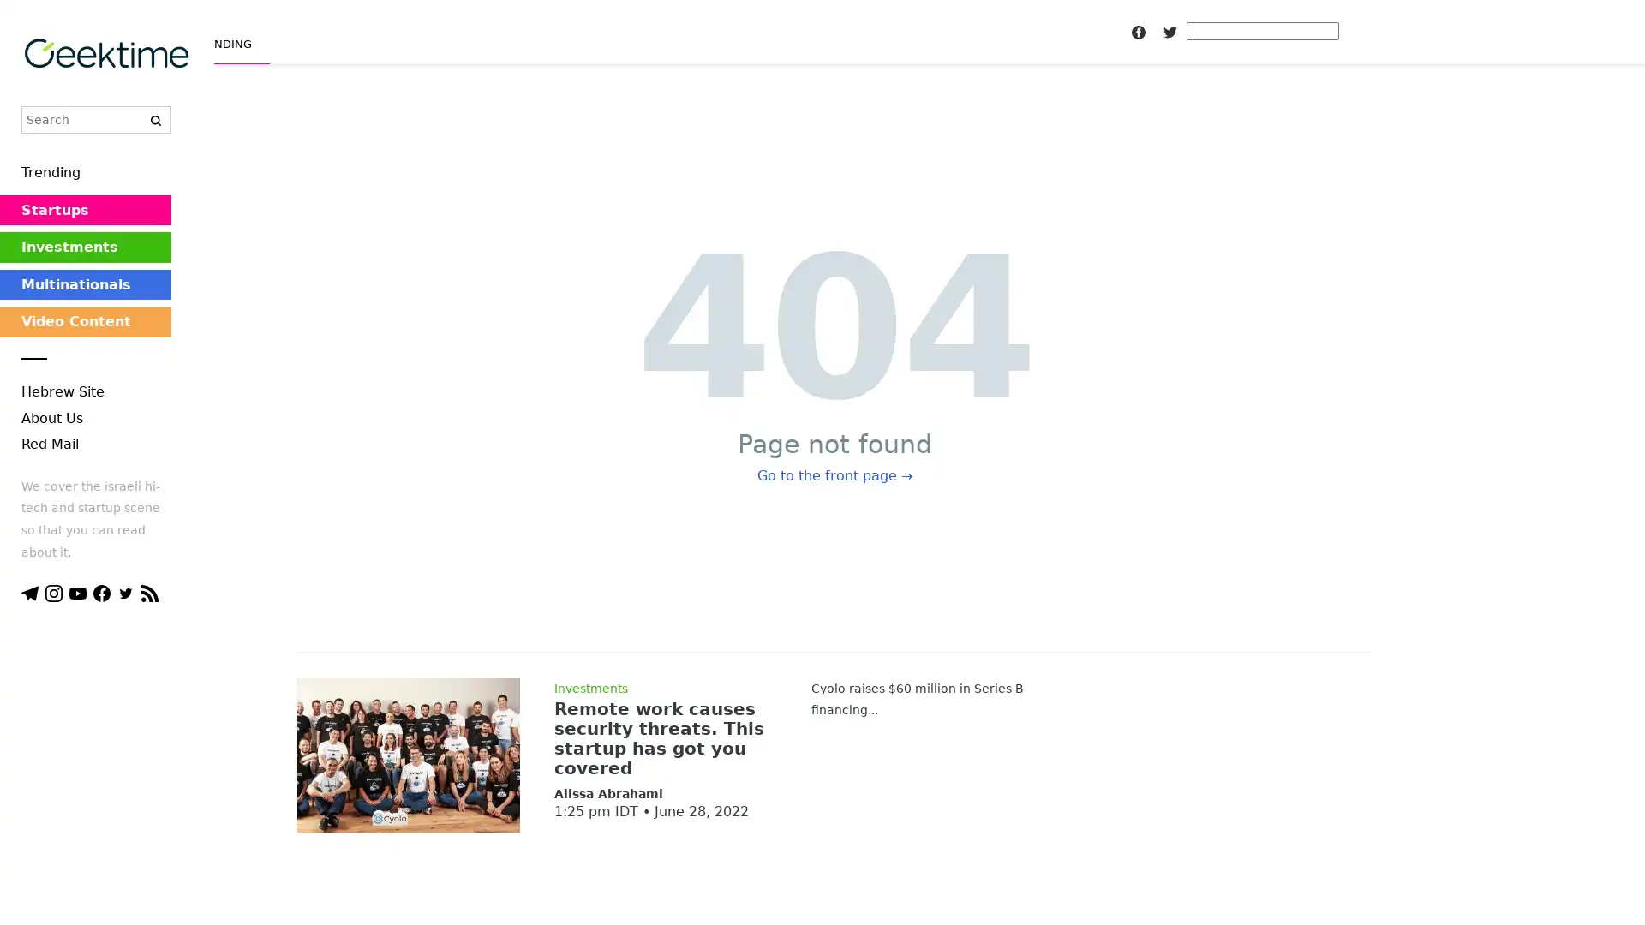  What do you see at coordinates (996, 486) in the screenshot?
I see `Subscribe` at bounding box center [996, 486].